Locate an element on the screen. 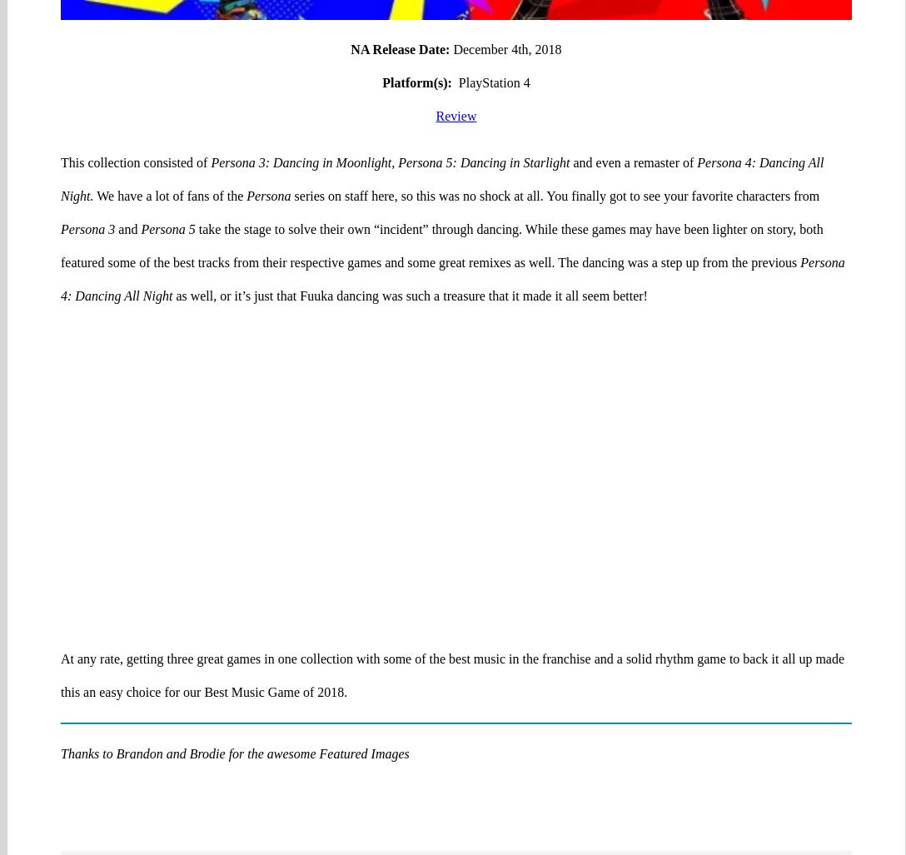 This screenshot has width=906, height=855. 'Persona 5' is located at coordinates (167, 163).